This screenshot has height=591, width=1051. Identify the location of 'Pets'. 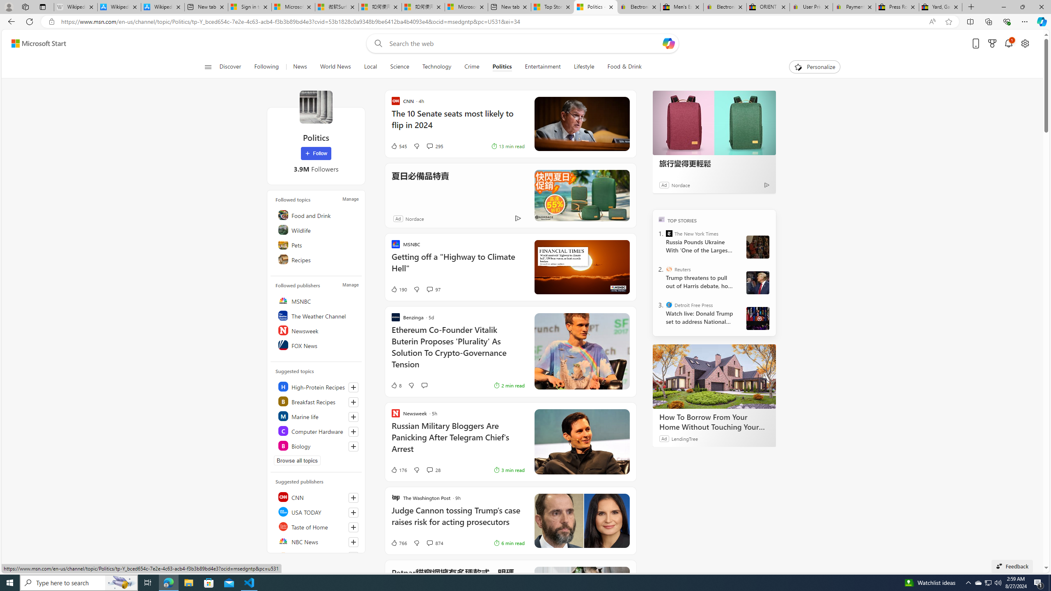
(317, 244).